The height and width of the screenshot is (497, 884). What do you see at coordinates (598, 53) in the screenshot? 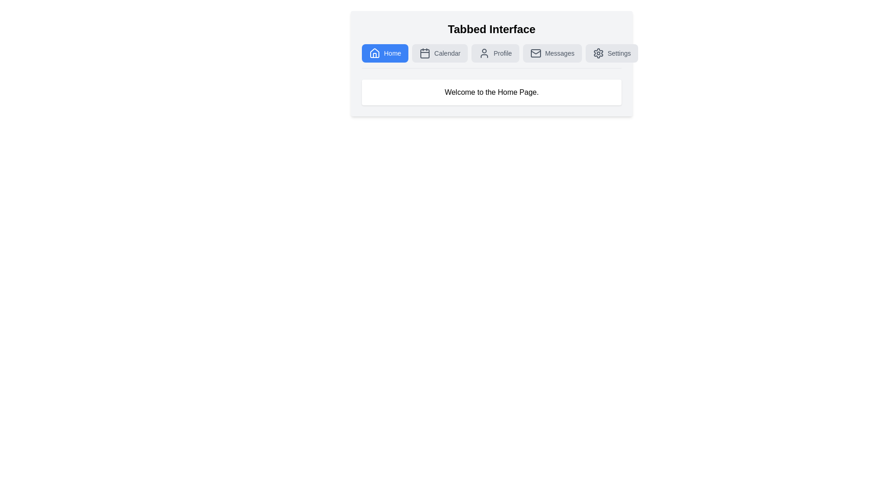
I see `the cog wheel icon in the top-right section of the interface` at bounding box center [598, 53].